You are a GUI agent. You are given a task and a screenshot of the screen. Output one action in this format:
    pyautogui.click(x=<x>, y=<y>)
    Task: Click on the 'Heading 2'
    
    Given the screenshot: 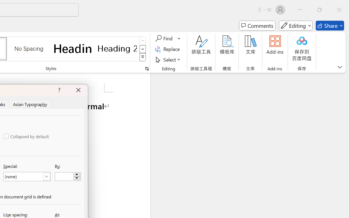 What is the action you would take?
    pyautogui.click(x=117, y=48)
    